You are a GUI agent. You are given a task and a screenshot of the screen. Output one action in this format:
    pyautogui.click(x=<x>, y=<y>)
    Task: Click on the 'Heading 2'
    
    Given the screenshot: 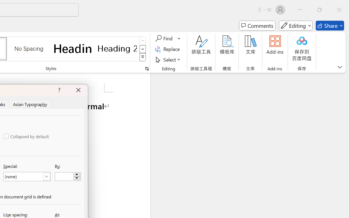 What is the action you would take?
    pyautogui.click(x=117, y=48)
    